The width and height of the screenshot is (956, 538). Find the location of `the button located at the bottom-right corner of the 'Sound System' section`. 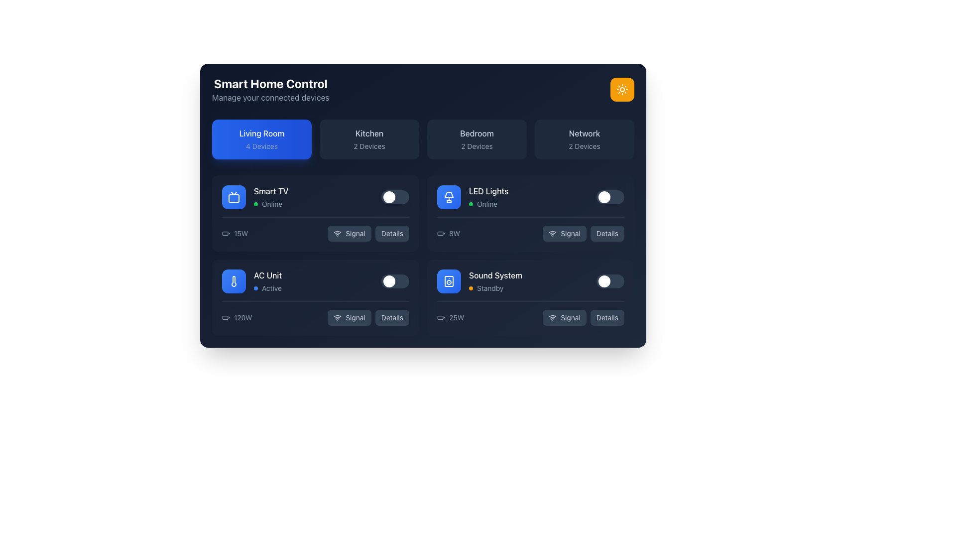

the button located at the bottom-right corner of the 'Sound System' section is located at coordinates (606, 317).